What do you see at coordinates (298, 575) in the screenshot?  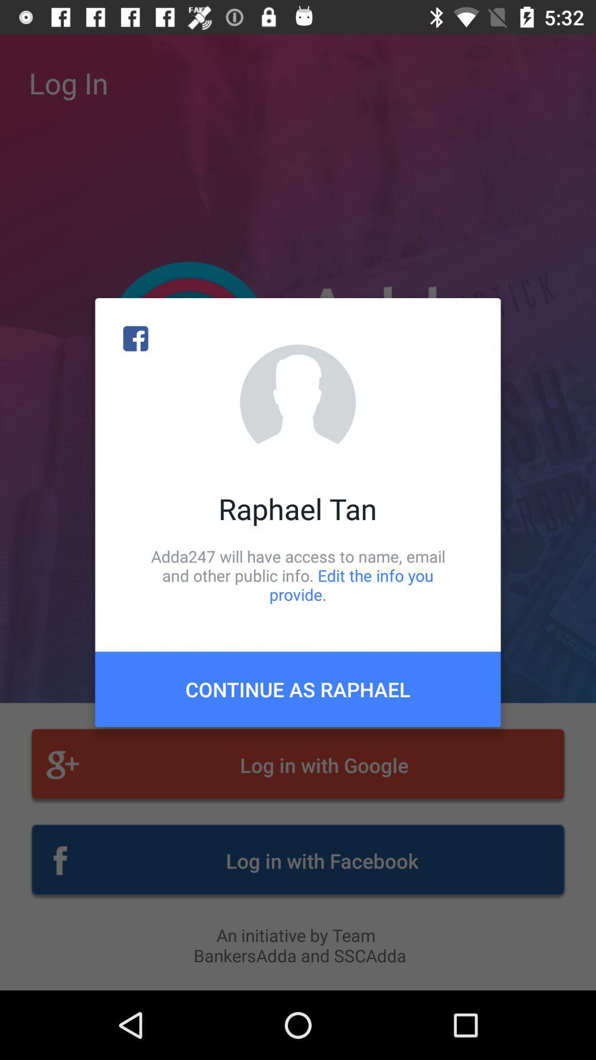 I see `adda247 will have item` at bounding box center [298, 575].